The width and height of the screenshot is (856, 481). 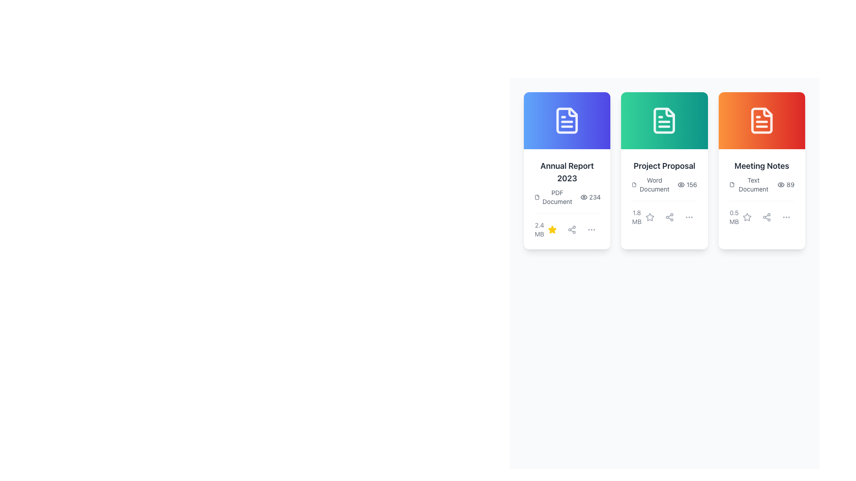 What do you see at coordinates (766, 217) in the screenshot?
I see `the sharing icon button located at the bottom section of the 'Meeting Notes' card` at bounding box center [766, 217].